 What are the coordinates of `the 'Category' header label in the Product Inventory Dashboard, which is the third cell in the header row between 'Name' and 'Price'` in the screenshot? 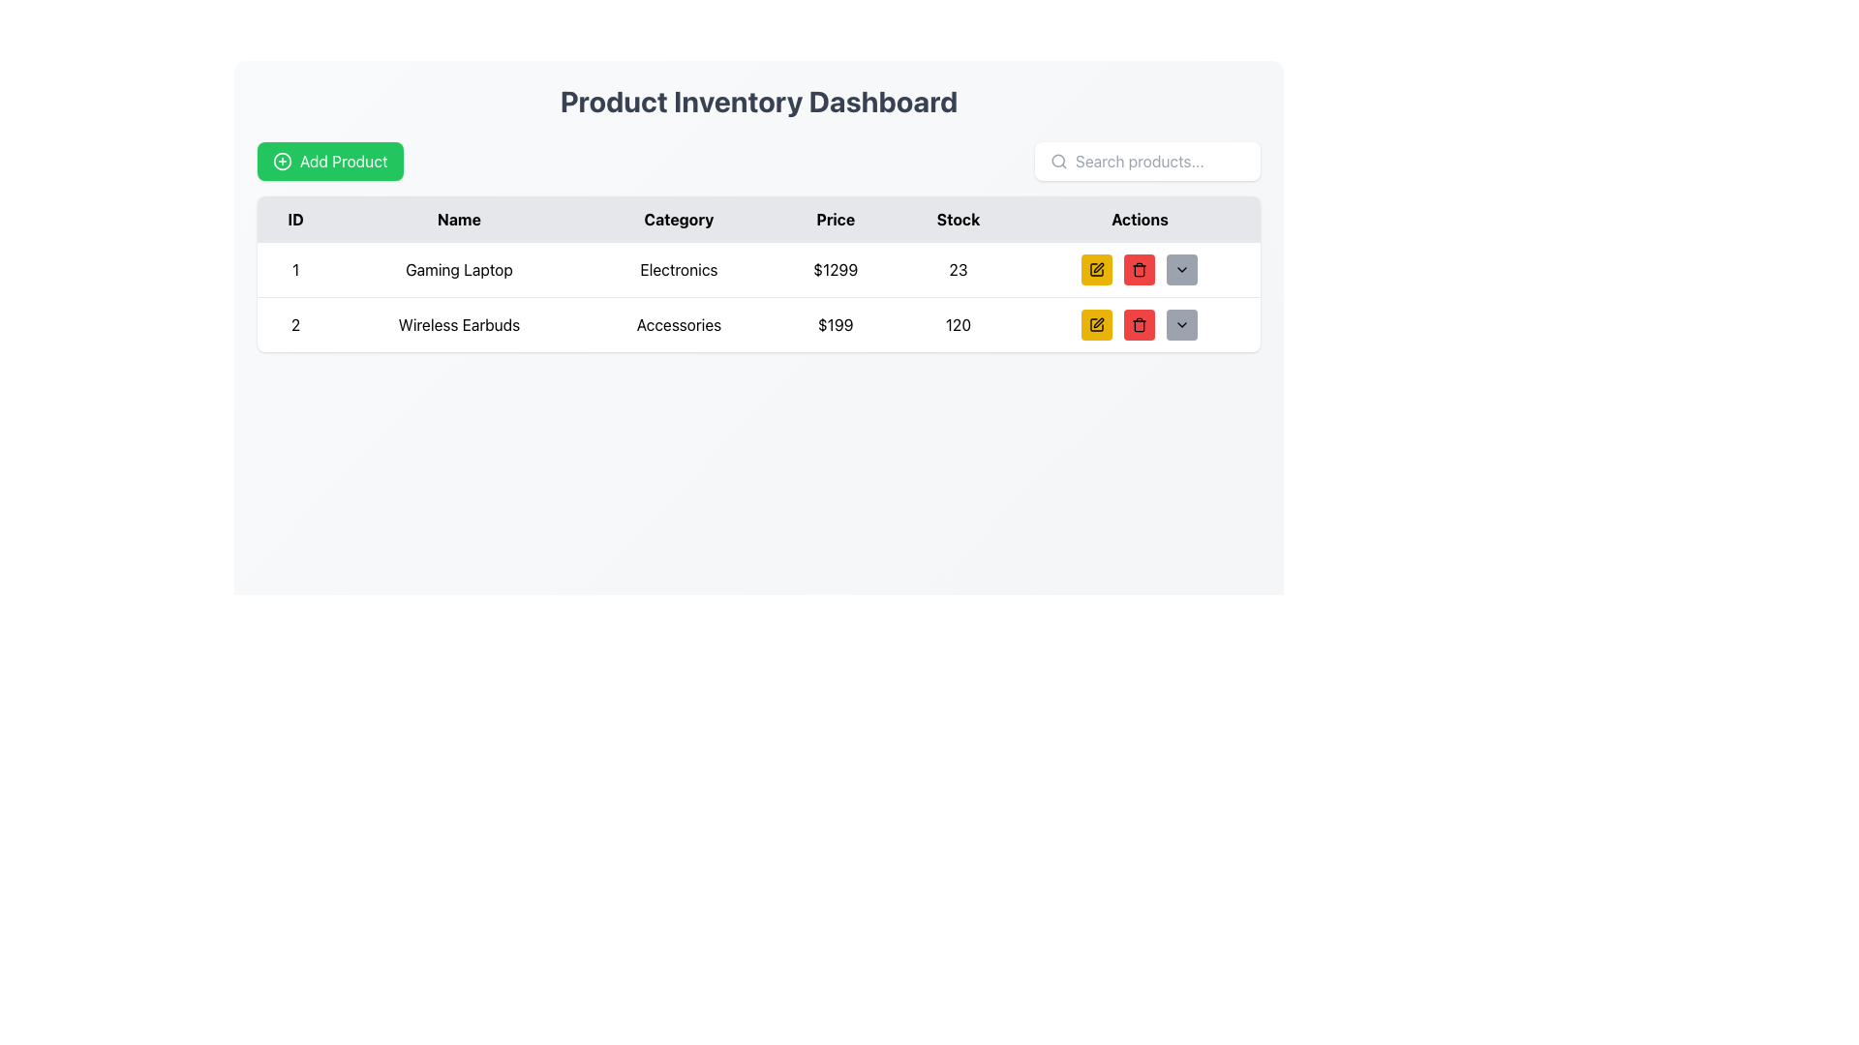 It's located at (679, 219).